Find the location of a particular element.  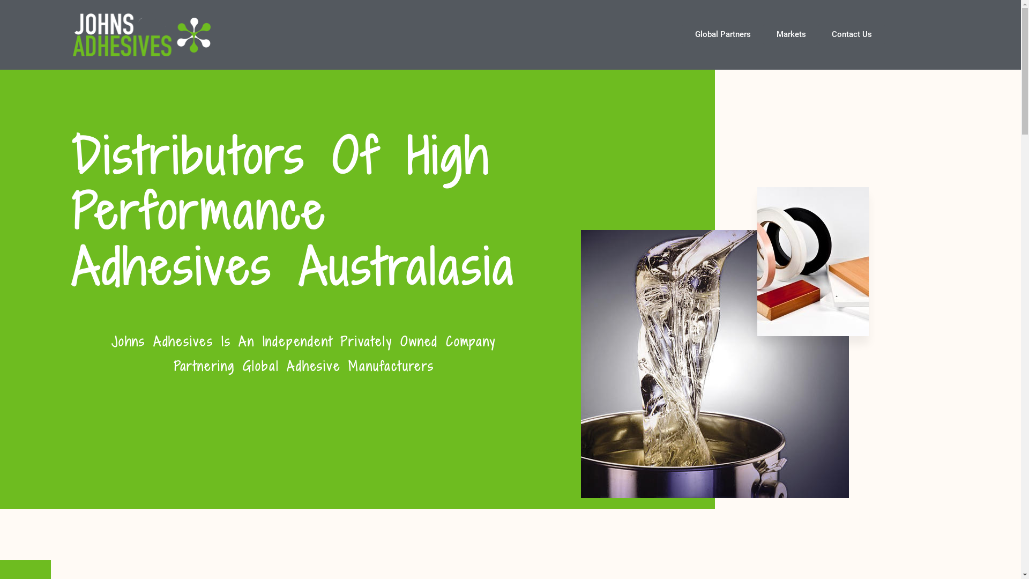

'Contact Us' is located at coordinates (818, 34).